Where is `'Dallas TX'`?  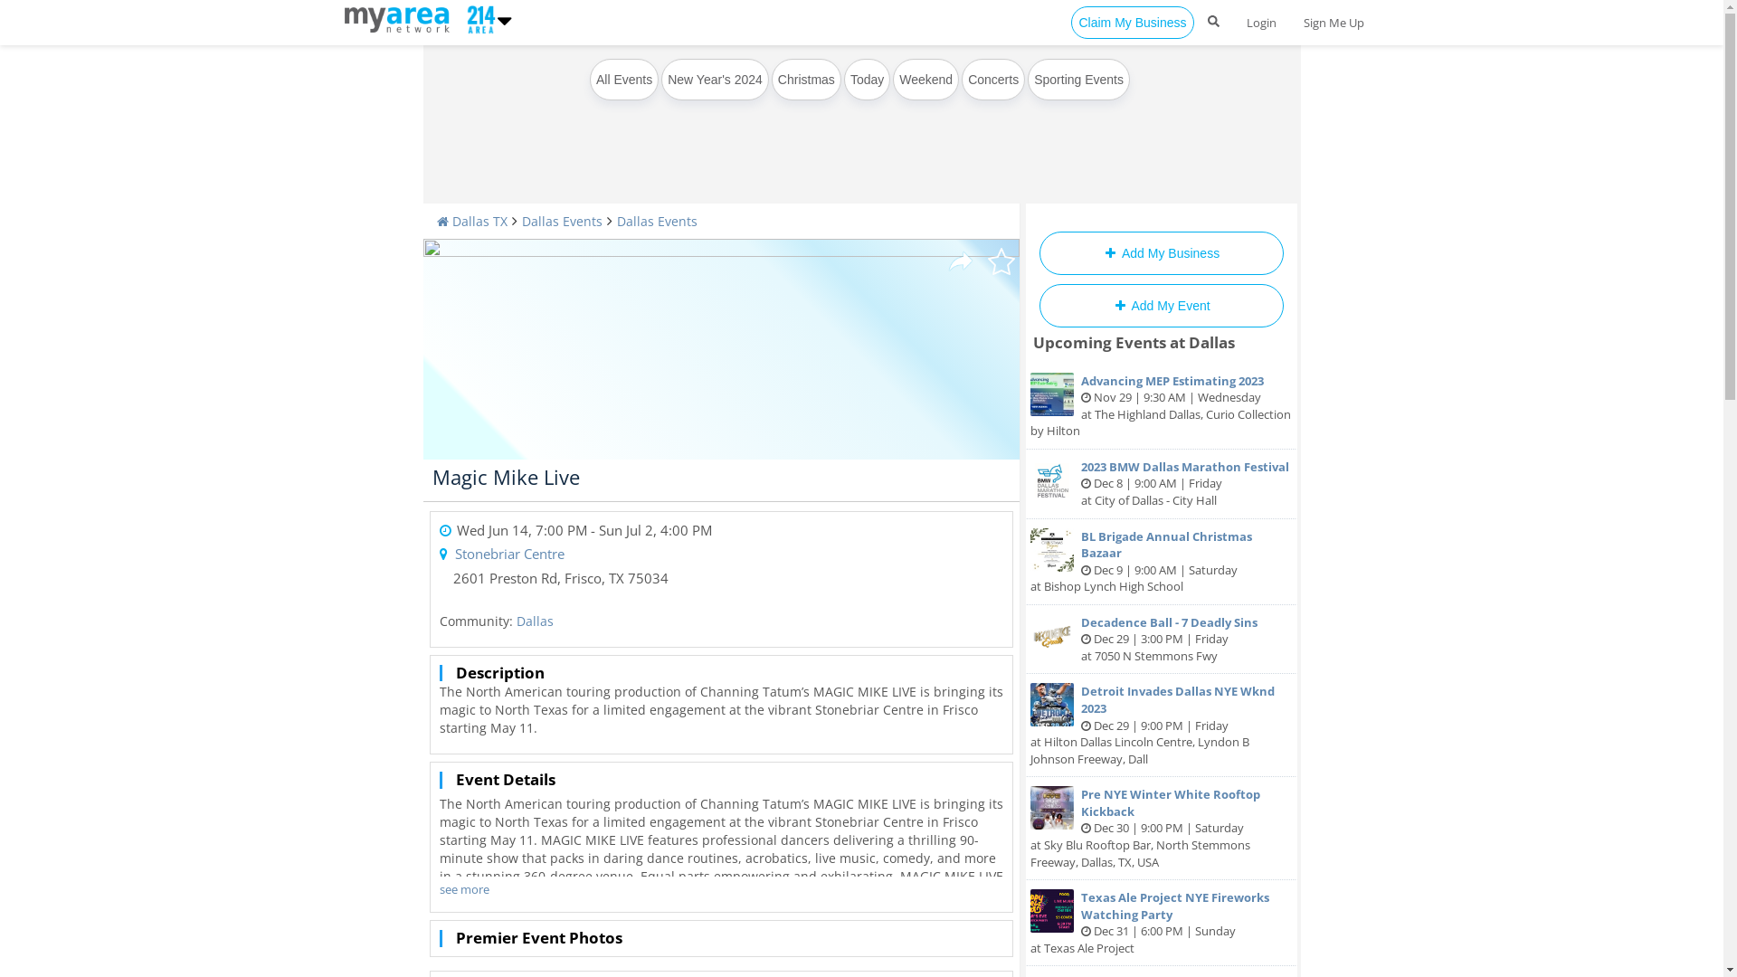 'Dallas TX' is located at coordinates (435, 220).